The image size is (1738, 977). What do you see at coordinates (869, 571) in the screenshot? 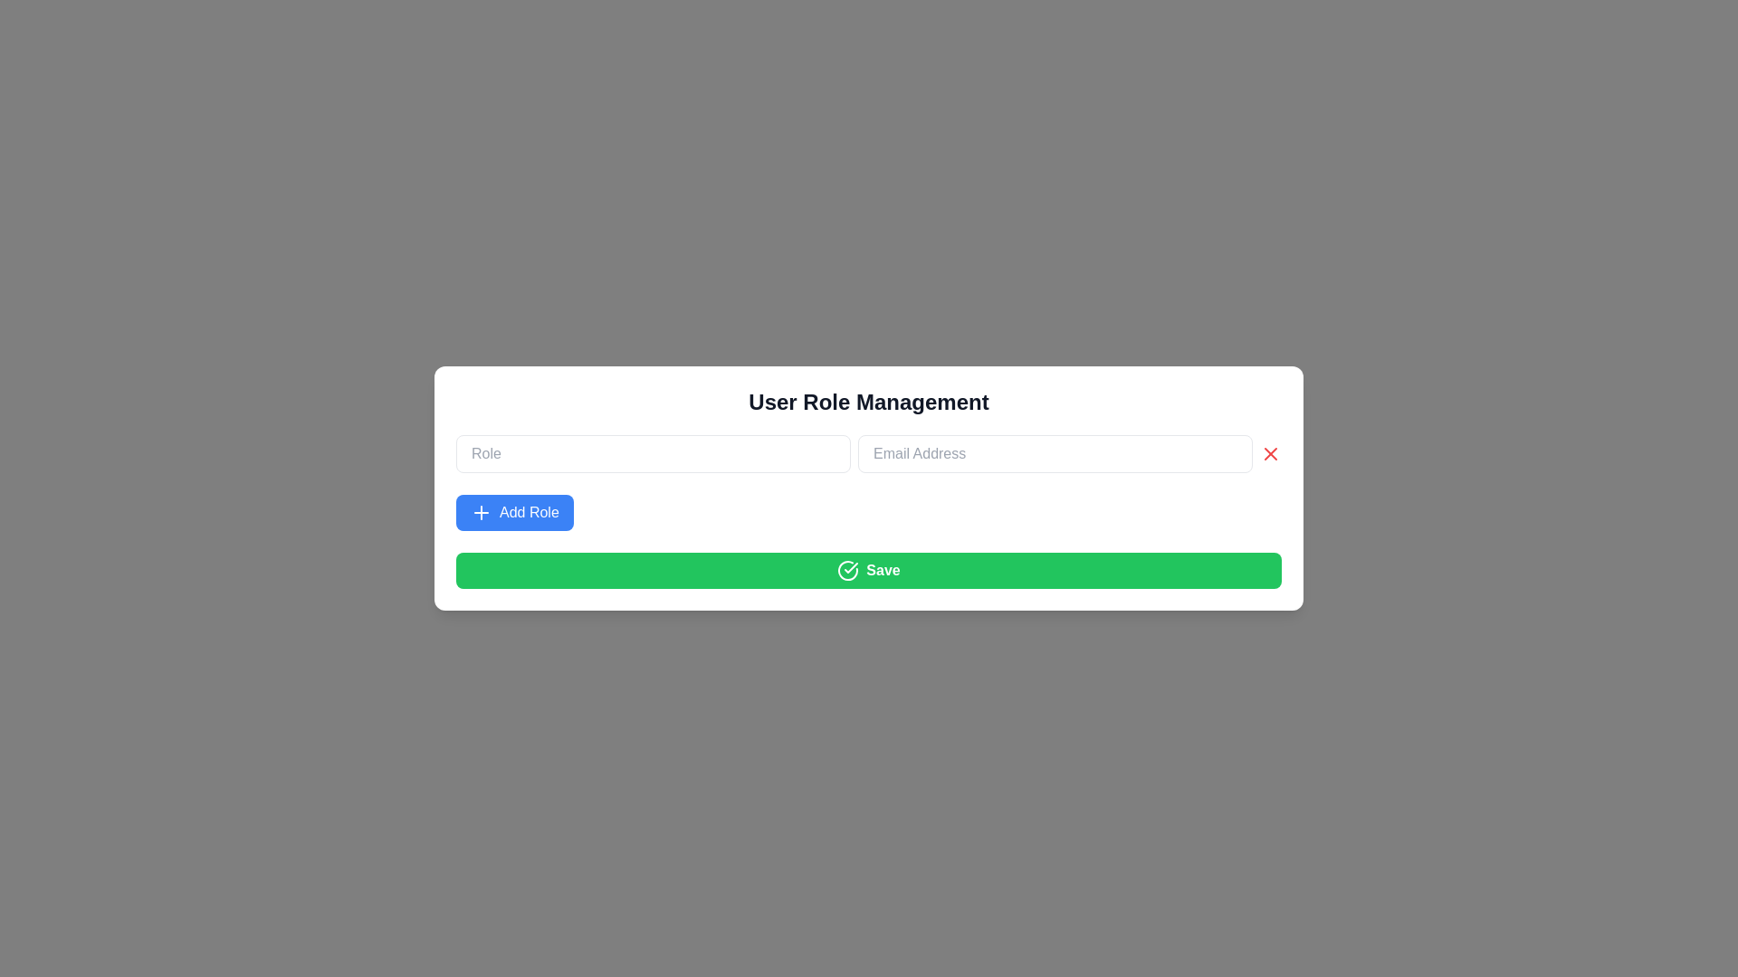
I see `the submission button located at the bottom of the card, directly below the 'Add Role' button` at bounding box center [869, 571].